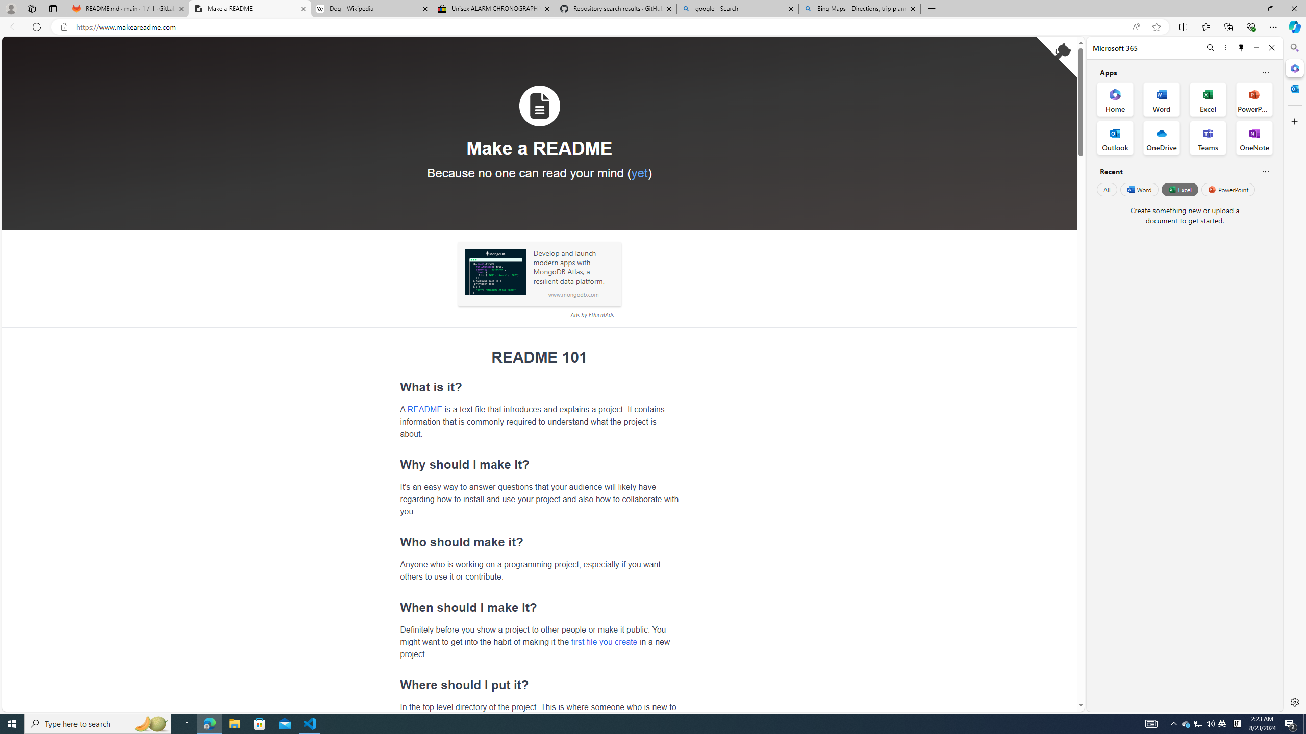  I want to click on 'Open GitHub project', so click(1056, 57).